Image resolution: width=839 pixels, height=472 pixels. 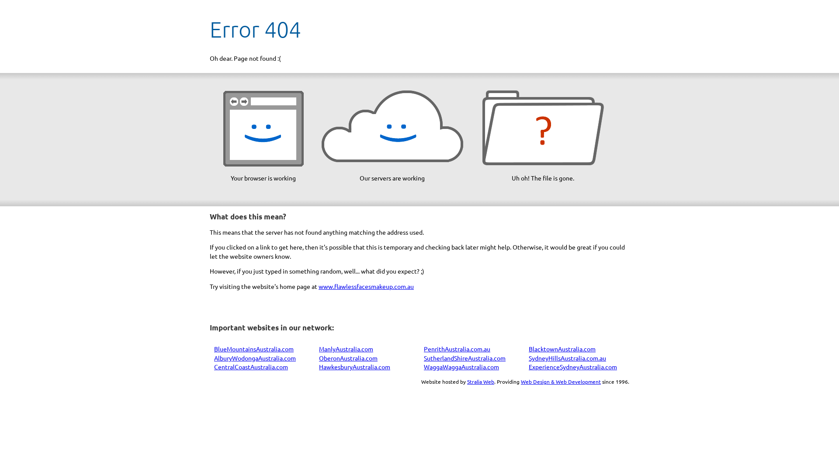 What do you see at coordinates (347, 357) in the screenshot?
I see `'OberonAustralia.com'` at bounding box center [347, 357].